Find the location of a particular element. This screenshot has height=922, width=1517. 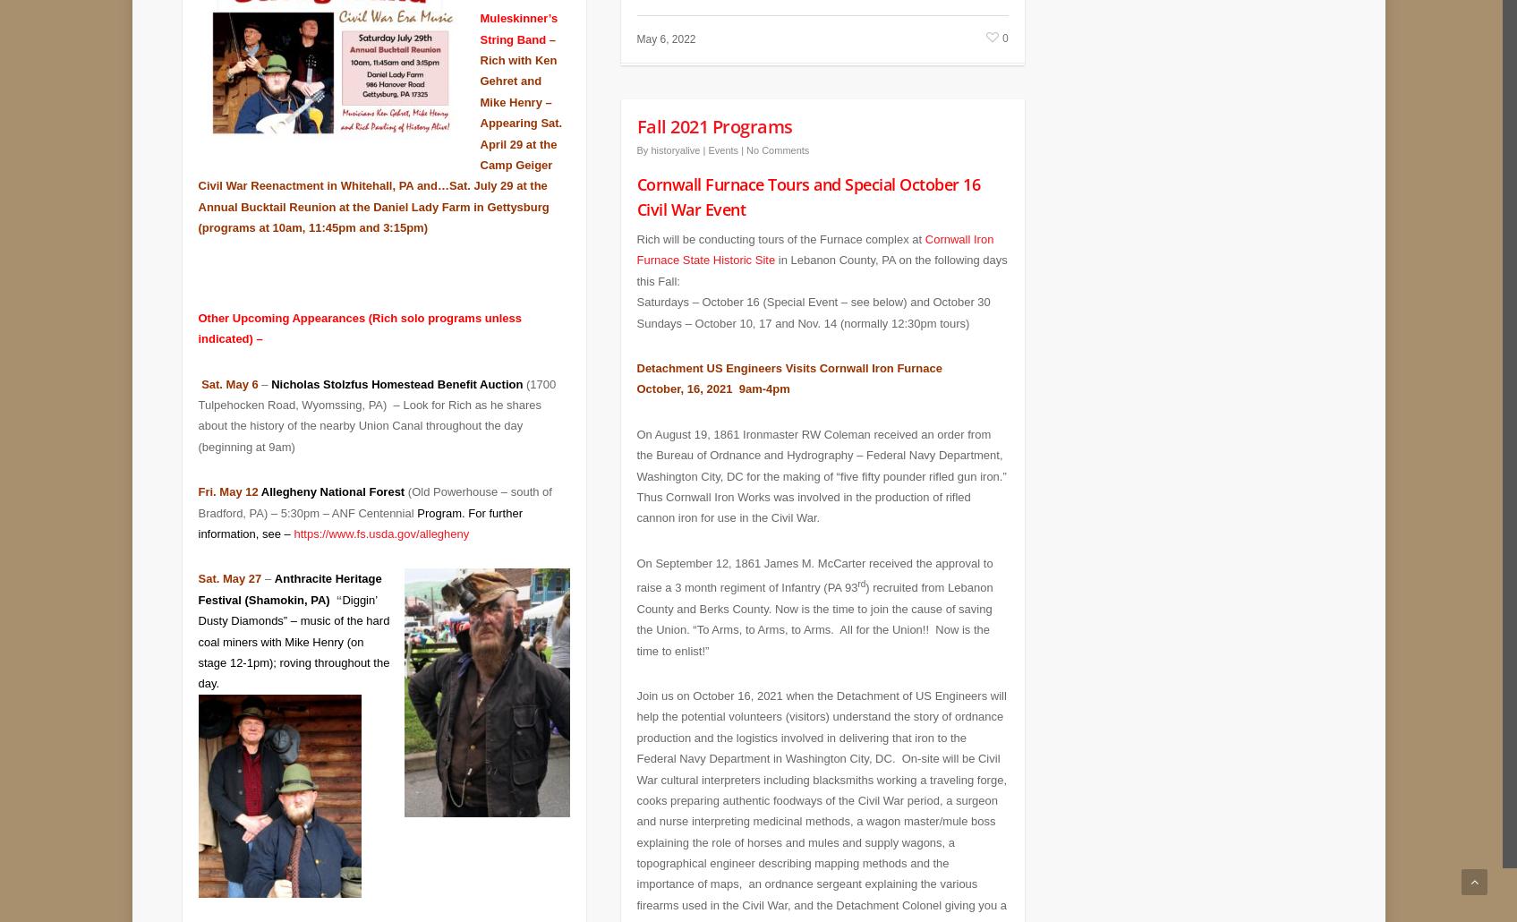

'By' is located at coordinates (642, 135).